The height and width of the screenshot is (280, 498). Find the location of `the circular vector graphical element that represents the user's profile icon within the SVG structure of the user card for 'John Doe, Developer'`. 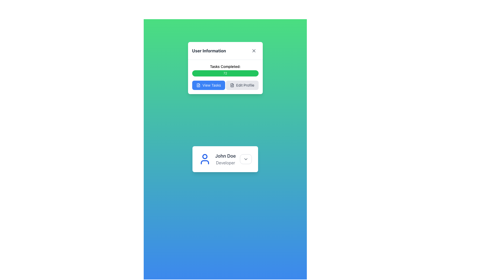

the circular vector graphical element that represents the user's profile icon within the SVG structure of the user card for 'John Doe, Developer' is located at coordinates (204, 156).